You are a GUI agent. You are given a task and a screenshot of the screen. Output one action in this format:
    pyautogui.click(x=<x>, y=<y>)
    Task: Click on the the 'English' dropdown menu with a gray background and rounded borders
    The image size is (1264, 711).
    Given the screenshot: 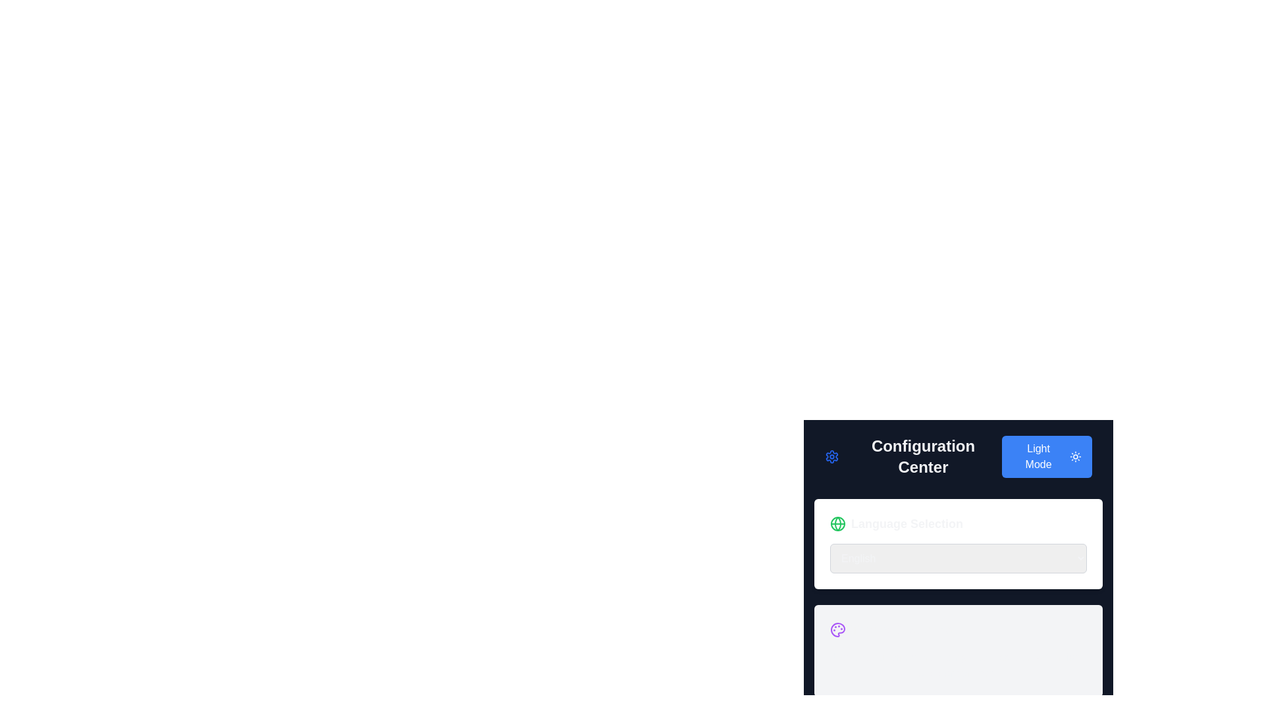 What is the action you would take?
    pyautogui.click(x=958, y=549)
    